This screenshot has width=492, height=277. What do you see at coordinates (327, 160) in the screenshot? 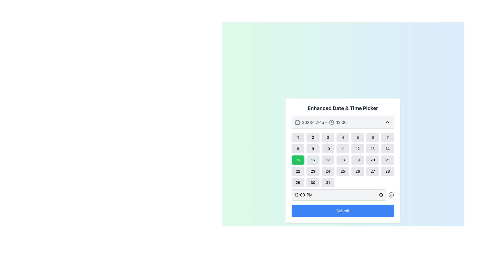
I see `the button representing the date '17' in the calendar grid to observe the hover effect` at bounding box center [327, 160].